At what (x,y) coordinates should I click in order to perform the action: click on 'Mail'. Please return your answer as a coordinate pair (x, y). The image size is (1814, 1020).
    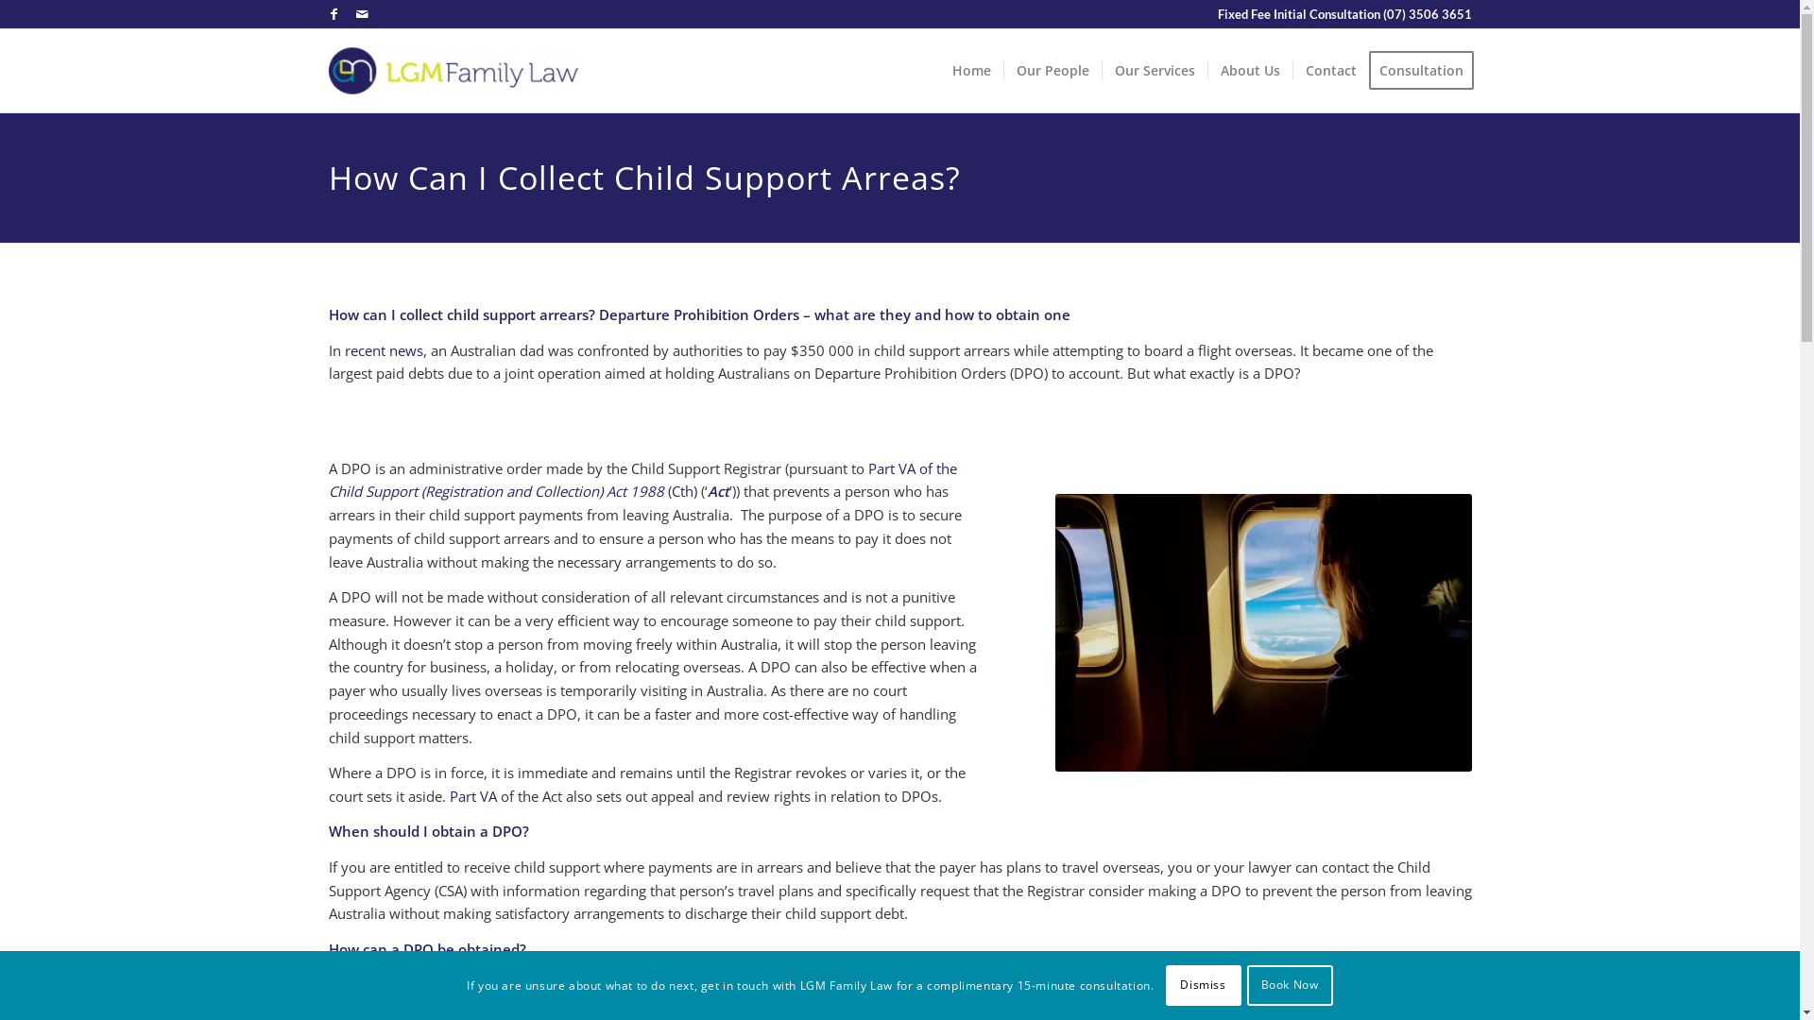
    Looking at the image, I should click on (348, 14).